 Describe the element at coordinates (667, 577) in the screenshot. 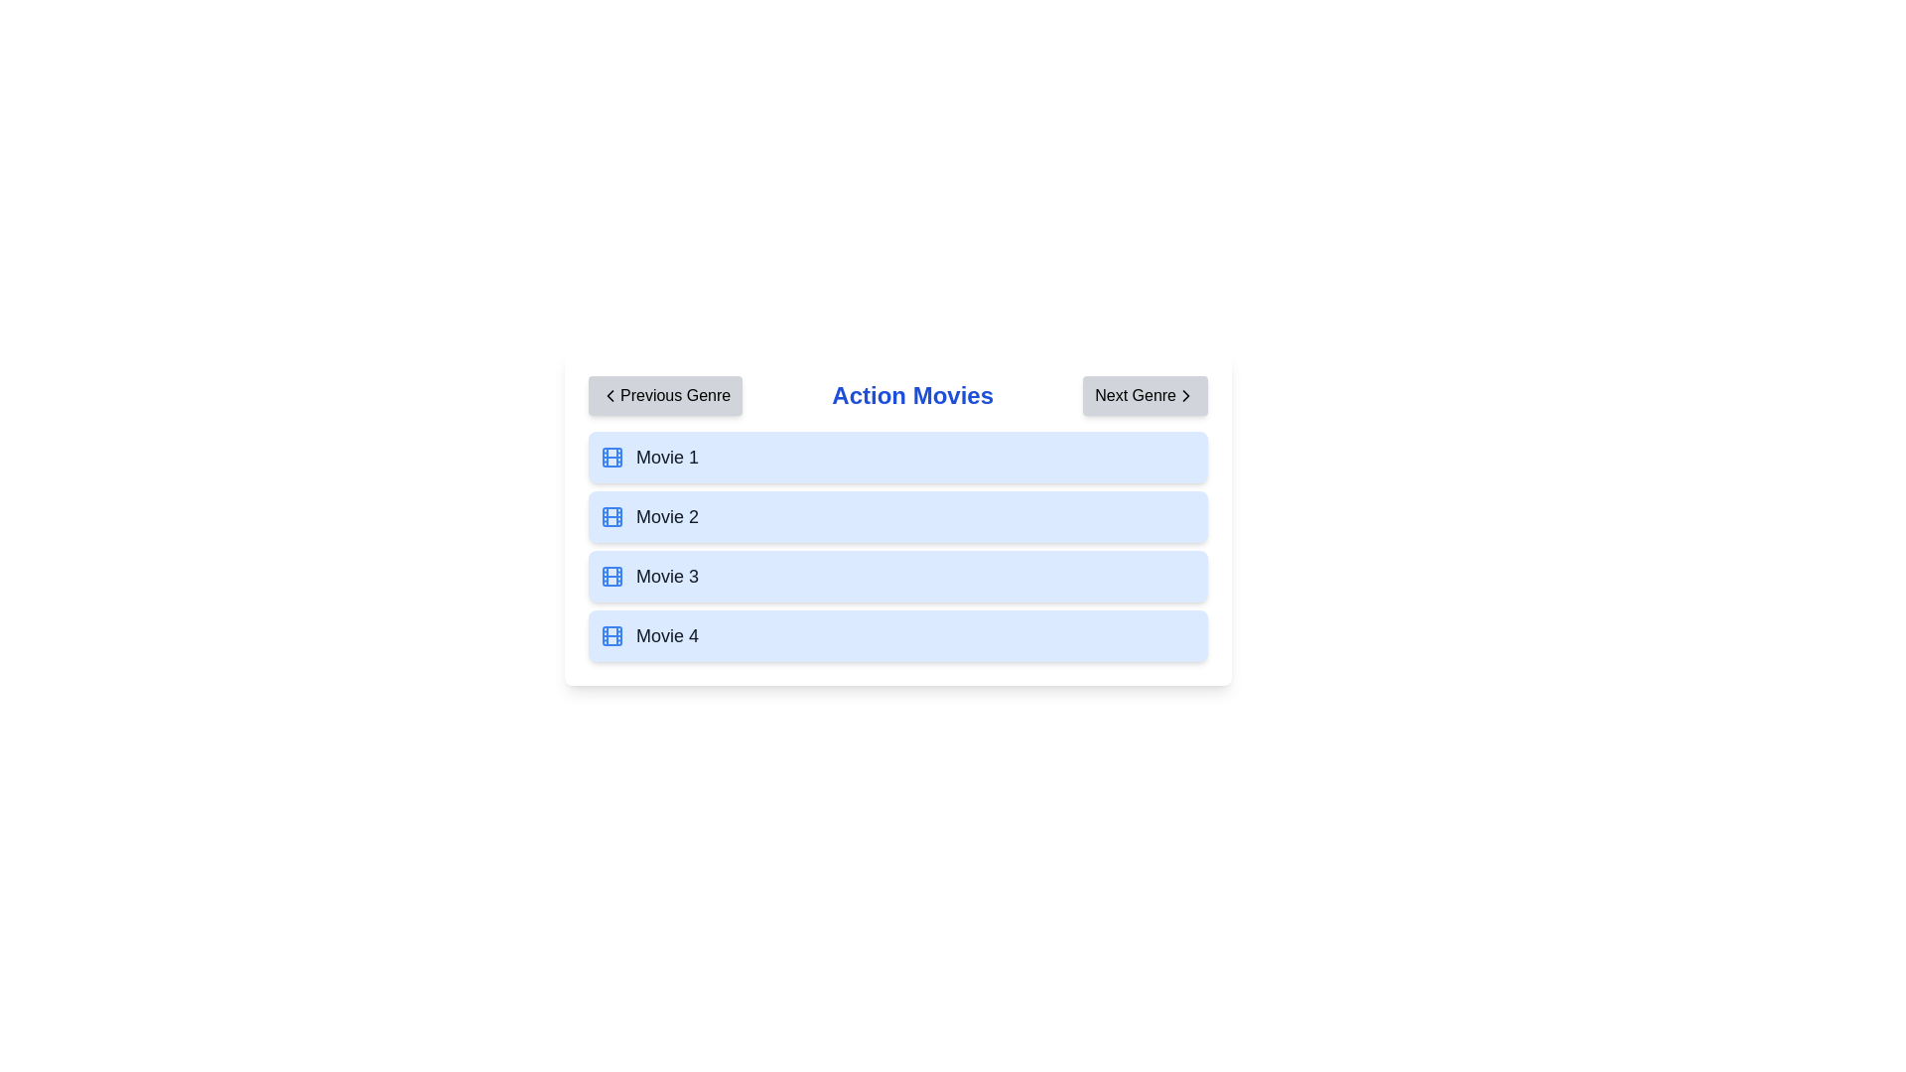

I see `the text label indicating the title of the third movie in the displayed list under the 'Action Movies' heading` at that location.